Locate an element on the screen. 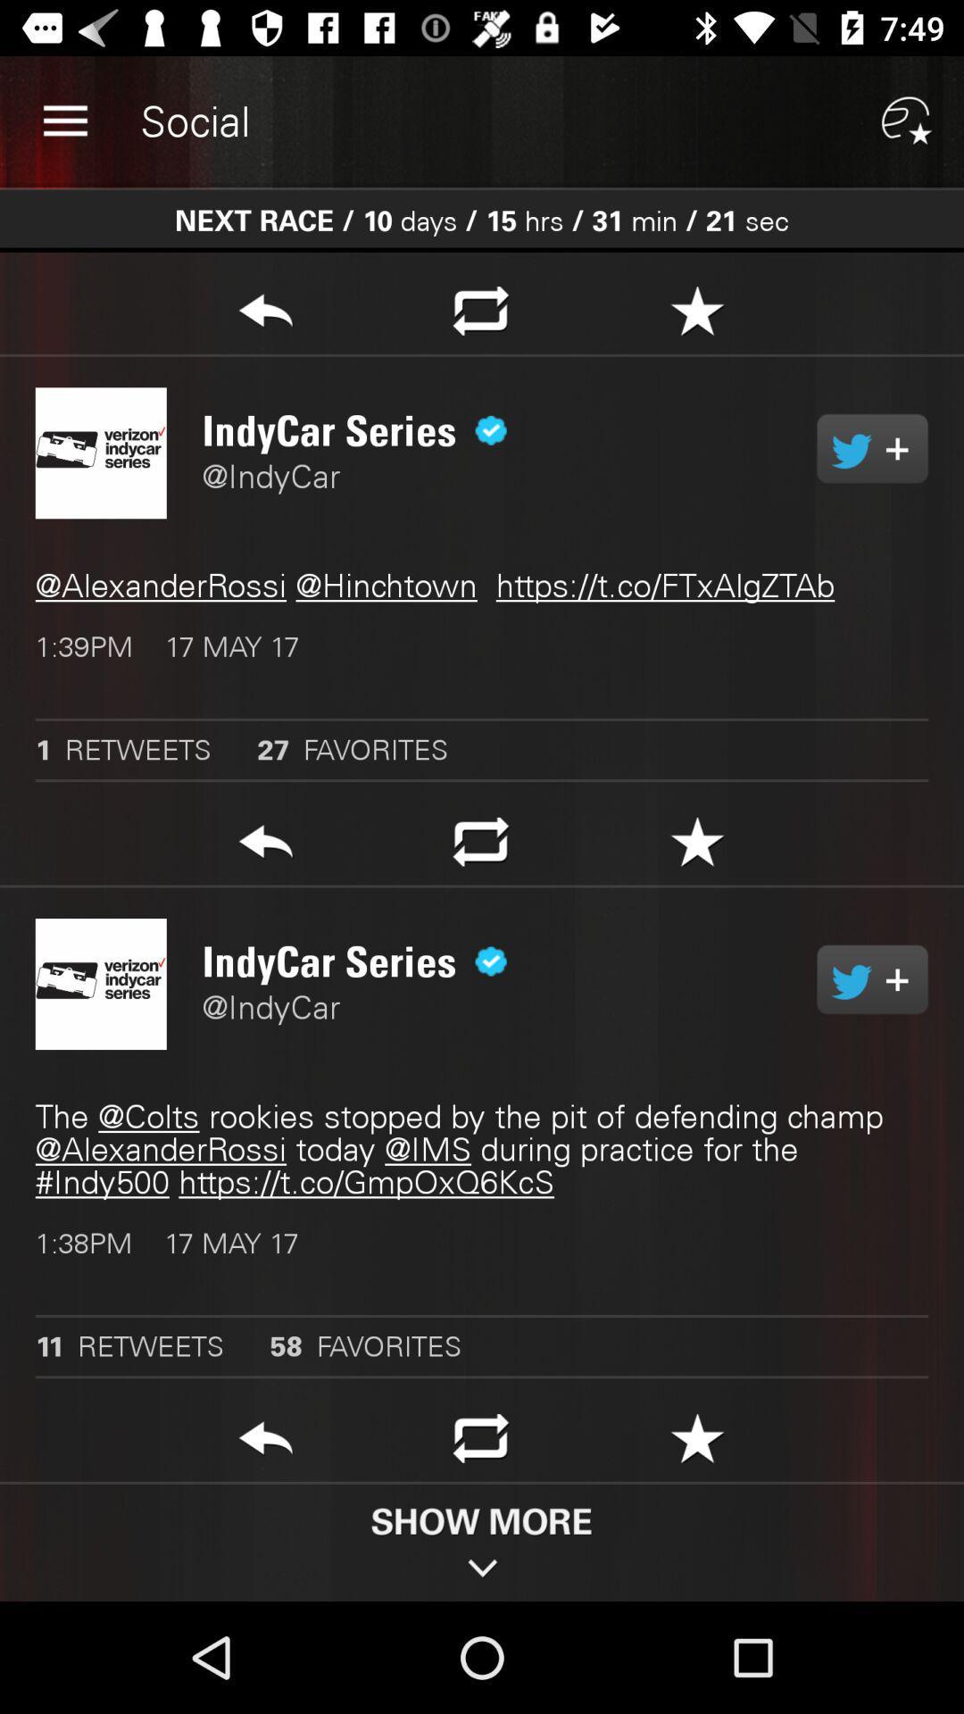  the text above 138pm 17 may 17 is located at coordinates (482, 1149).